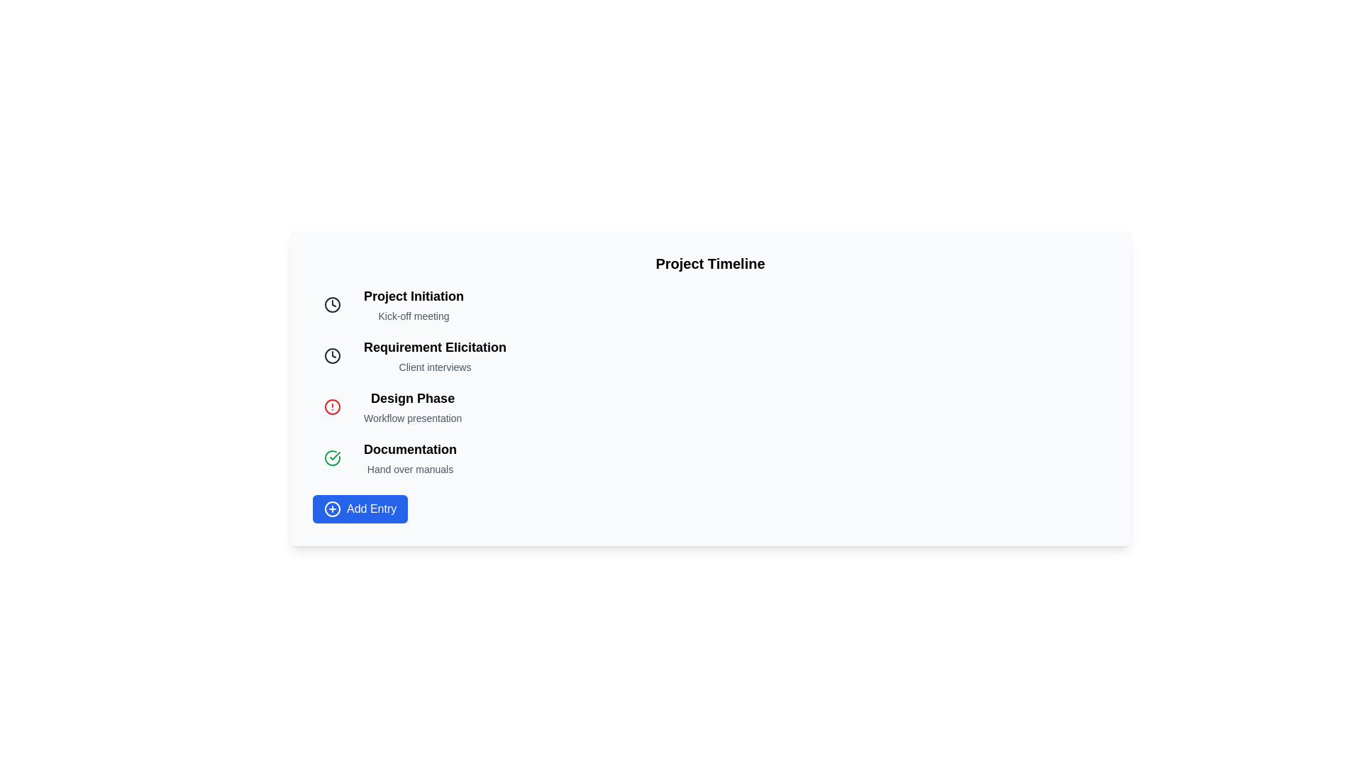 This screenshot has height=766, width=1362. Describe the element at coordinates (434, 355) in the screenshot. I see `the text label combination representing 'Requirement Elicitation' with details 'Client interviews', which is the second item in the vertical list of the timeline` at that location.